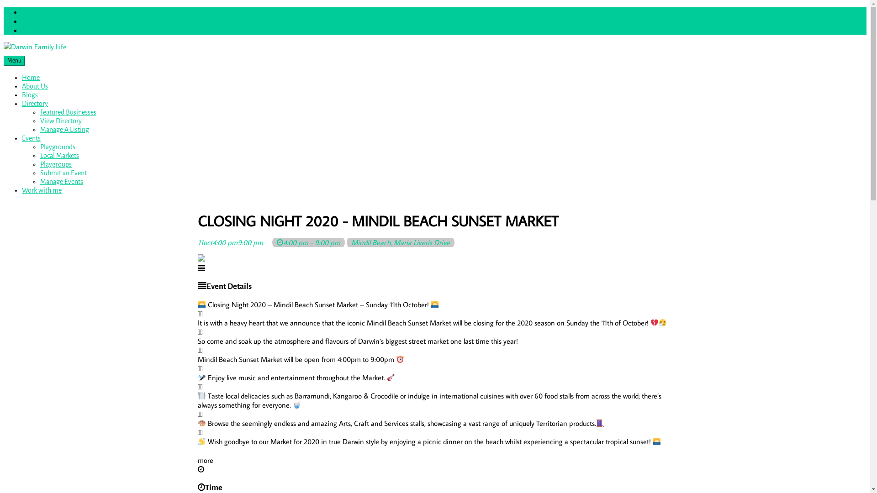 The width and height of the screenshot is (877, 493). What do you see at coordinates (22, 189) in the screenshot?
I see `'Work with me'` at bounding box center [22, 189].